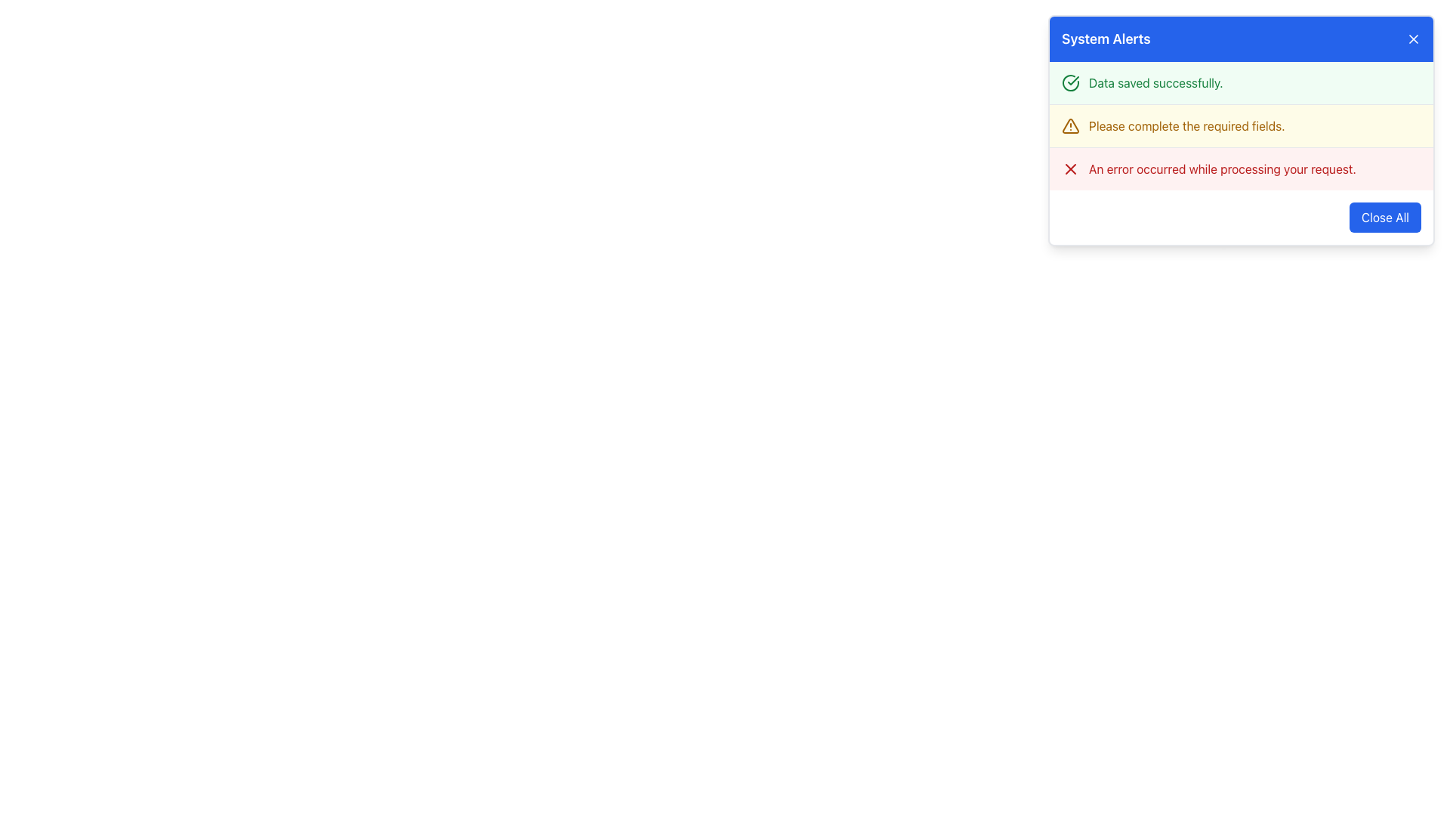 The width and height of the screenshot is (1450, 816). What do you see at coordinates (1241, 130) in the screenshot?
I see `warning message from the notification alert that has a cream-colored background and orange text stating 'Please complete the required fields.'` at bounding box center [1241, 130].